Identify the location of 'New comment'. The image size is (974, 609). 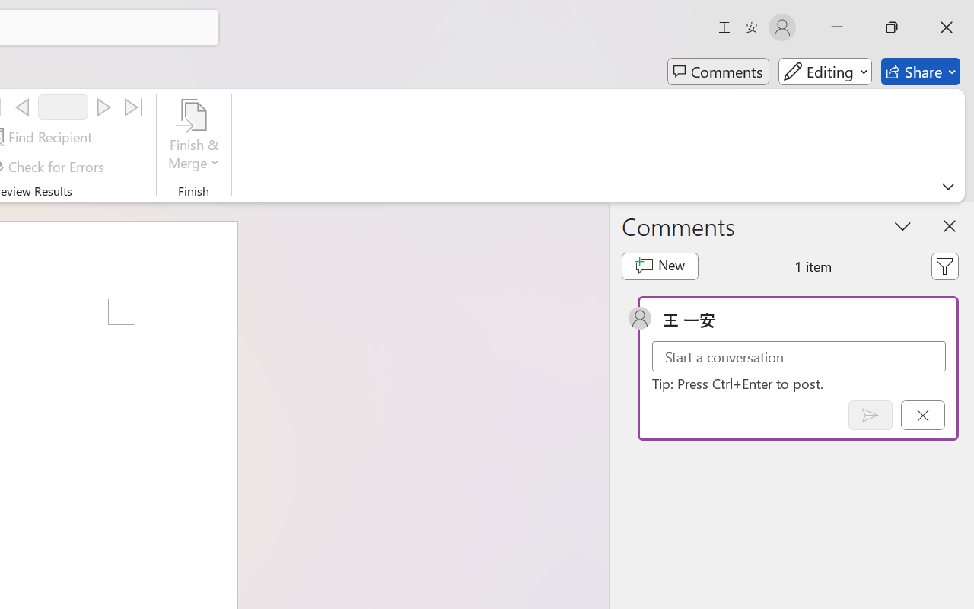
(660, 266).